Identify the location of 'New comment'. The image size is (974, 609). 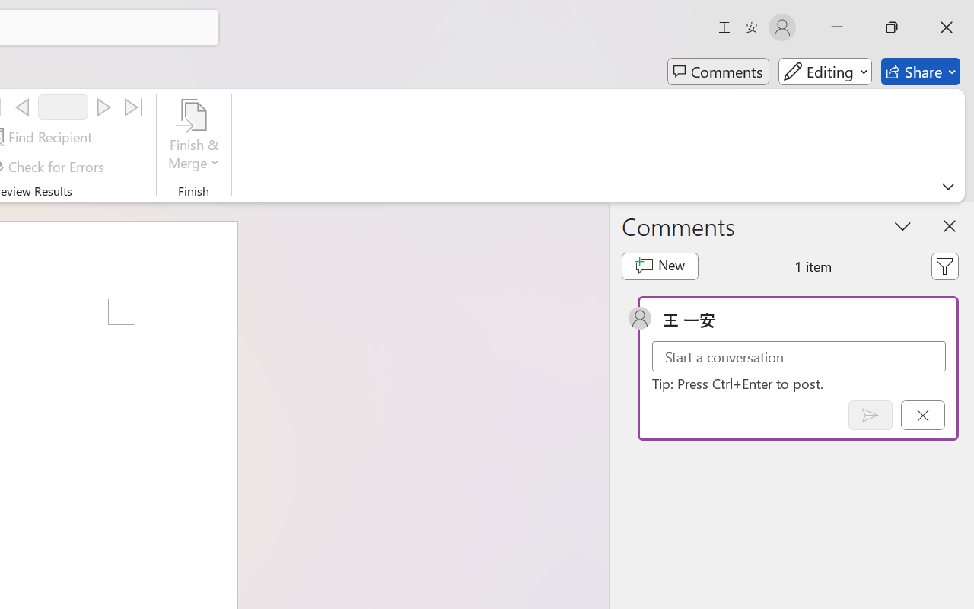
(660, 266).